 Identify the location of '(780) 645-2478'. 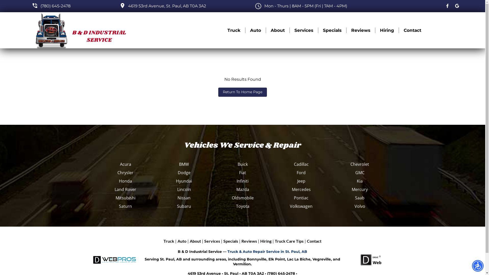
(55, 6).